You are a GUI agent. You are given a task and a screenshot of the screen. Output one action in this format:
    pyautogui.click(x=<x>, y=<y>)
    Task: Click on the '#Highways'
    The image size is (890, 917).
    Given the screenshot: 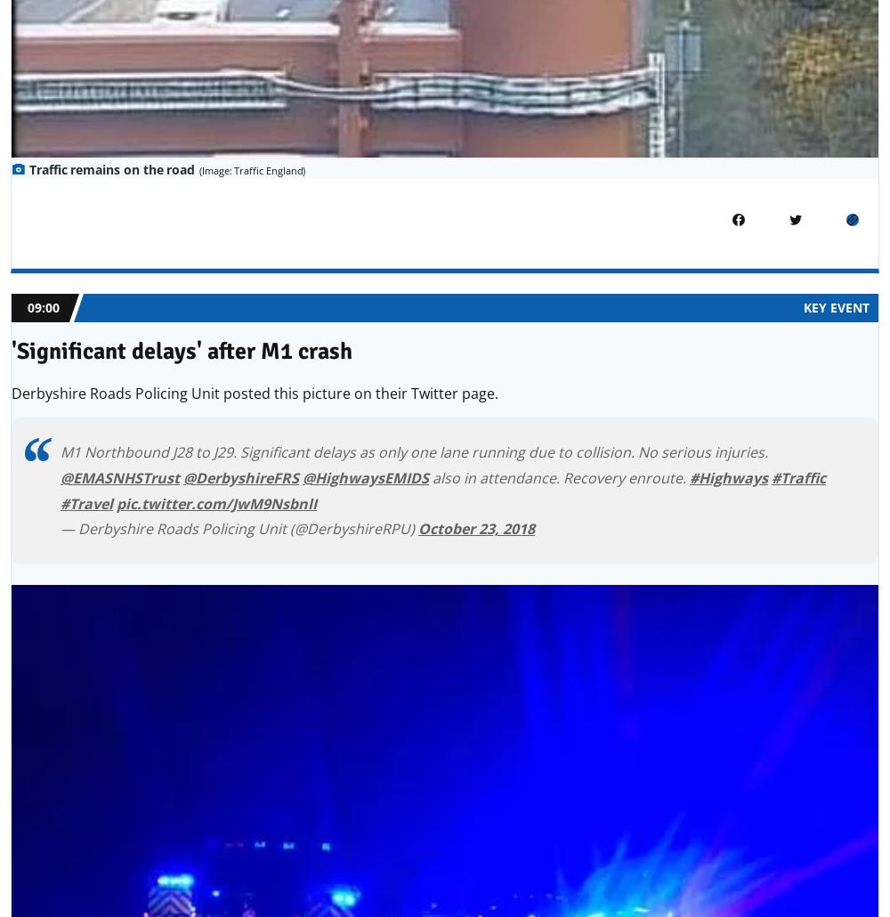 What is the action you would take?
    pyautogui.click(x=728, y=477)
    